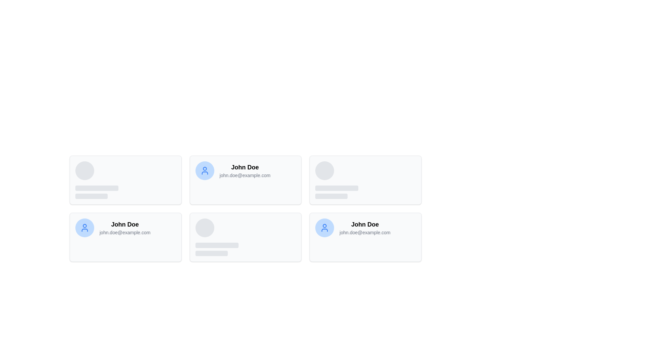 The height and width of the screenshot is (363, 646). What do you see at coordinates (331, 196) in the screenshot?
I see `the visual loading state of the Placeholder bar element, which is a horizontal gray bar located within a card interface, positioned below a circular avatar and placeholder text lines` at bounding box center [331, 196].